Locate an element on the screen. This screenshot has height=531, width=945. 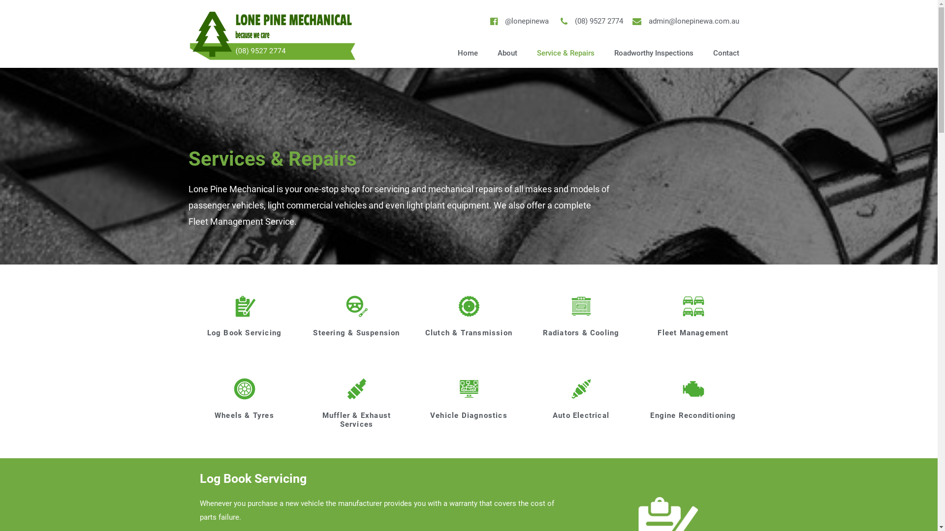
'steering' is located at coordinates (356, 306).